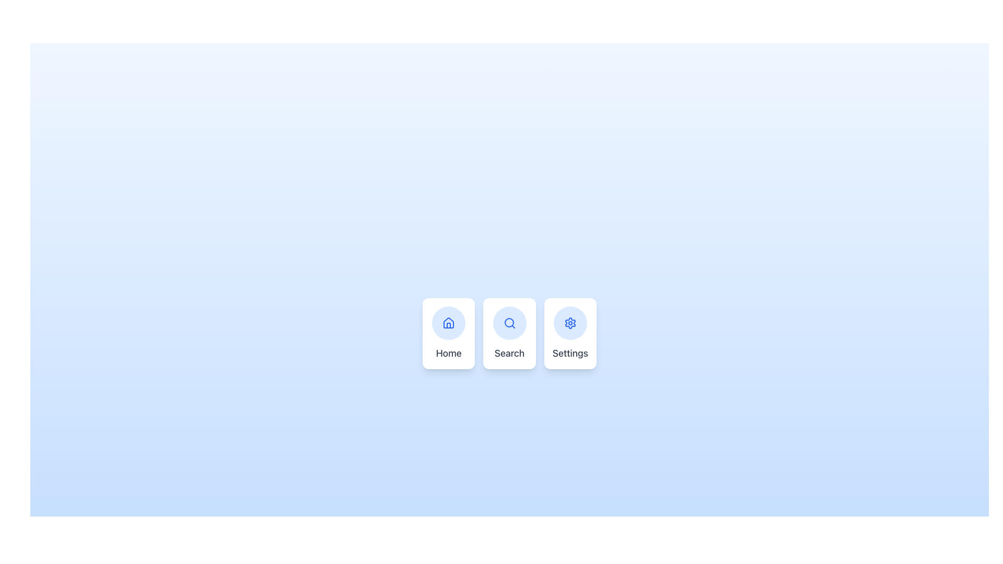 The height and width of the screenshot is (564, 1003). I want to click on the 'Settings' Entry Point Card, which features a blue gear icon on a light blue background and is the third card in a row of three, so click(569, 334).